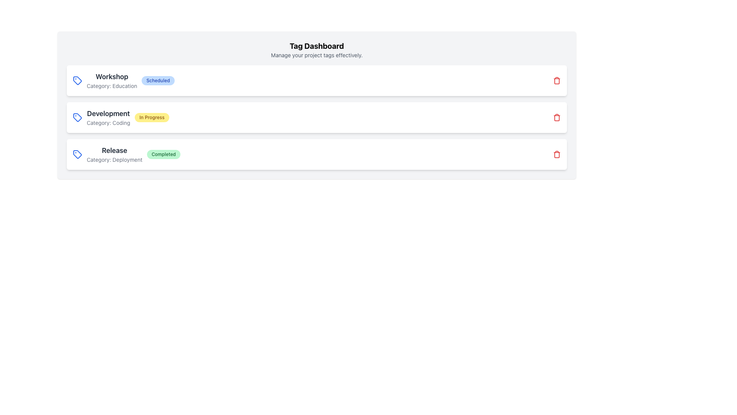  Describe the element at coordinates (557, 117) in the screenshot. I see `the small red trash bin icon located at the far right end of the 'Development' section` at that location.